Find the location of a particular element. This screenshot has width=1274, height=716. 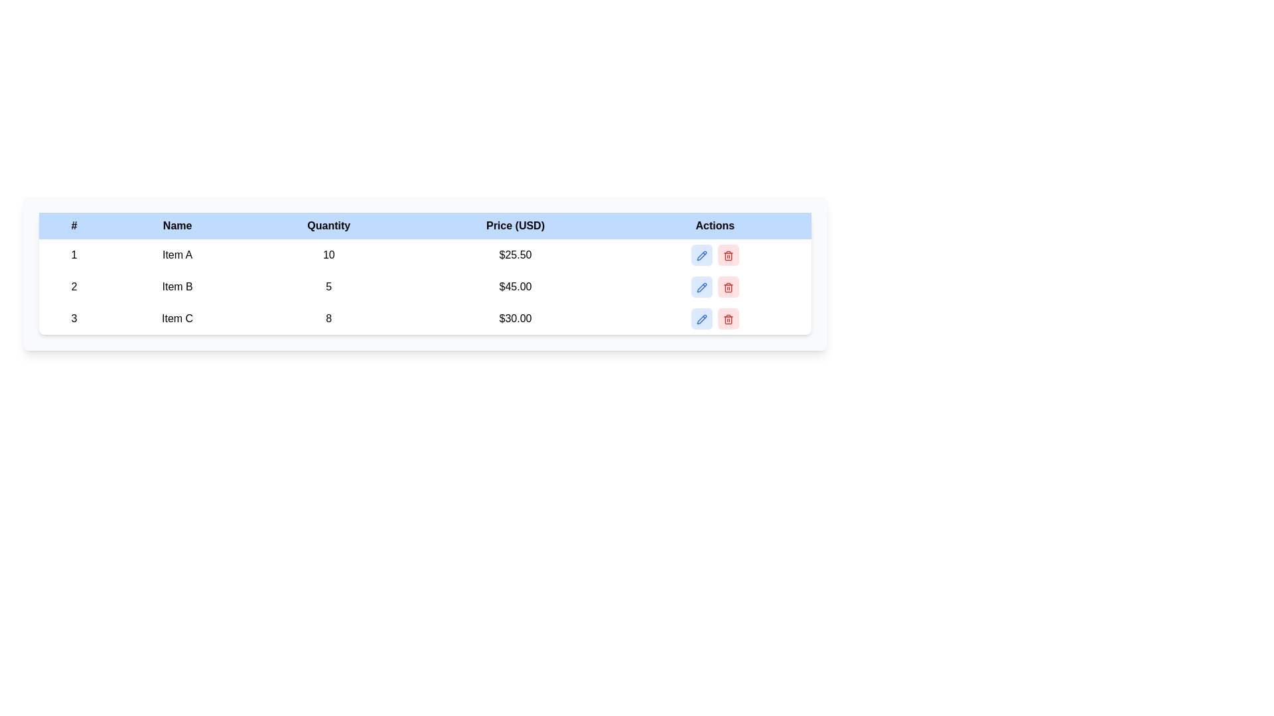

the text label for 'Item A' located in the second column of the first row of the table, under the 'Name' header is located at coordinates (177, 255).